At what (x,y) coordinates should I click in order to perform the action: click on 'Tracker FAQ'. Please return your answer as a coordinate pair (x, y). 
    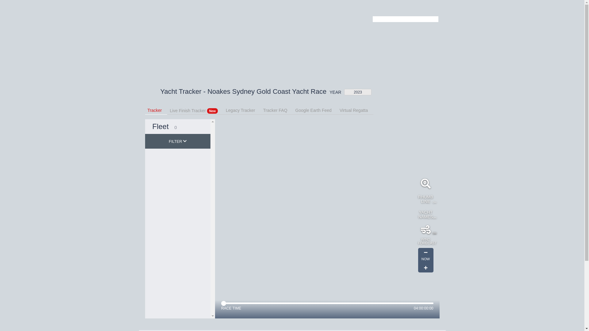
    Looking at the image, I should click on (263, 109).